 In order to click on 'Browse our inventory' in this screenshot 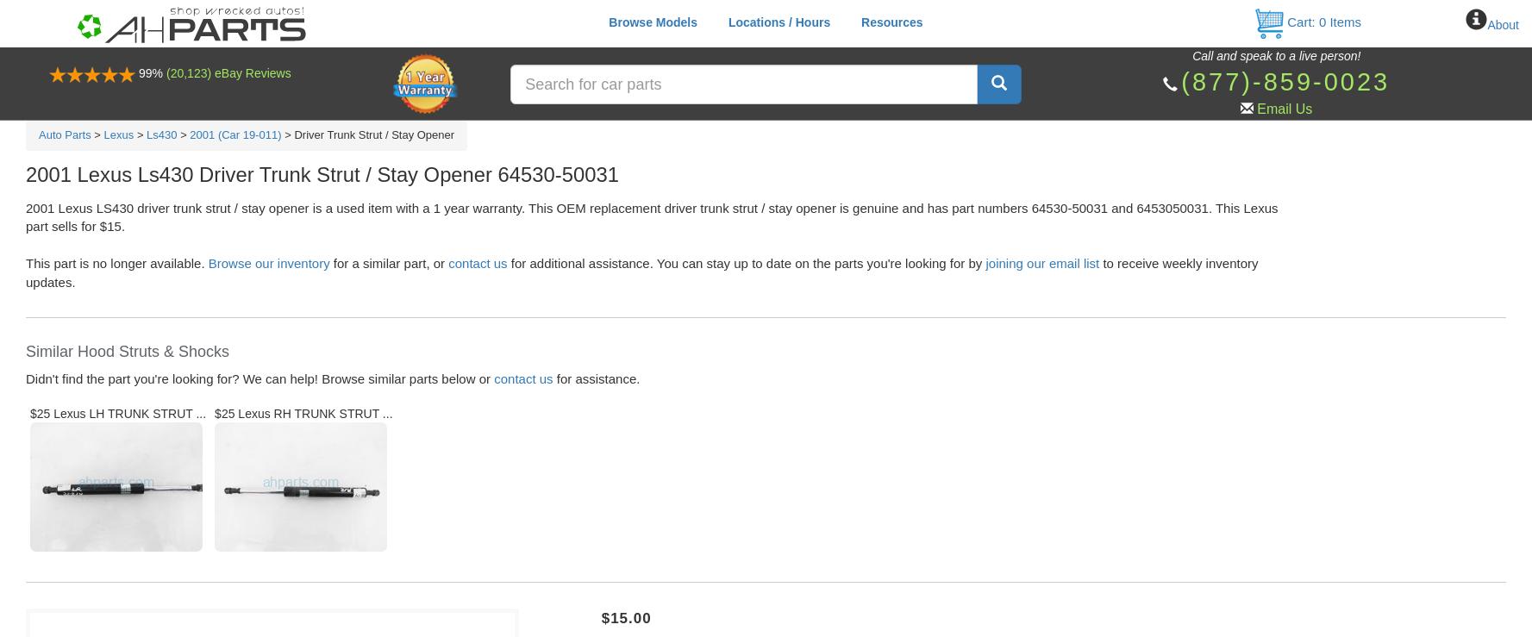, I will do `click(267, 263)`.